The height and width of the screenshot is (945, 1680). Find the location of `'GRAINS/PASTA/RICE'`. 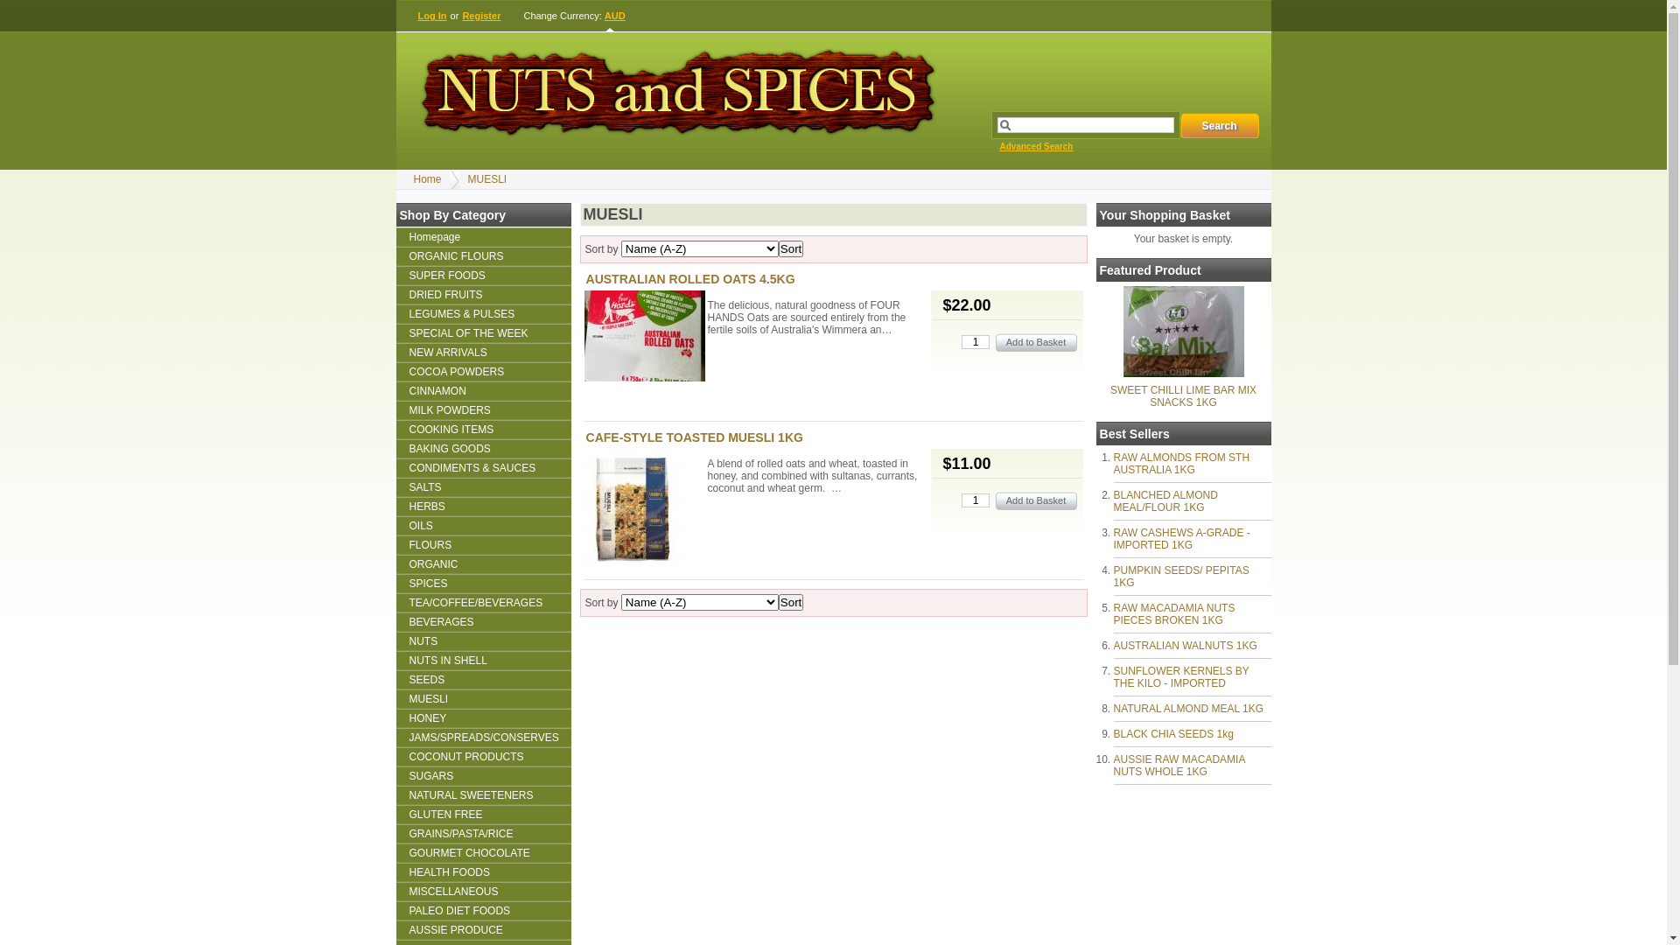

'GRAINS/PASTA/RICE' is located at coordinates (394, 832).